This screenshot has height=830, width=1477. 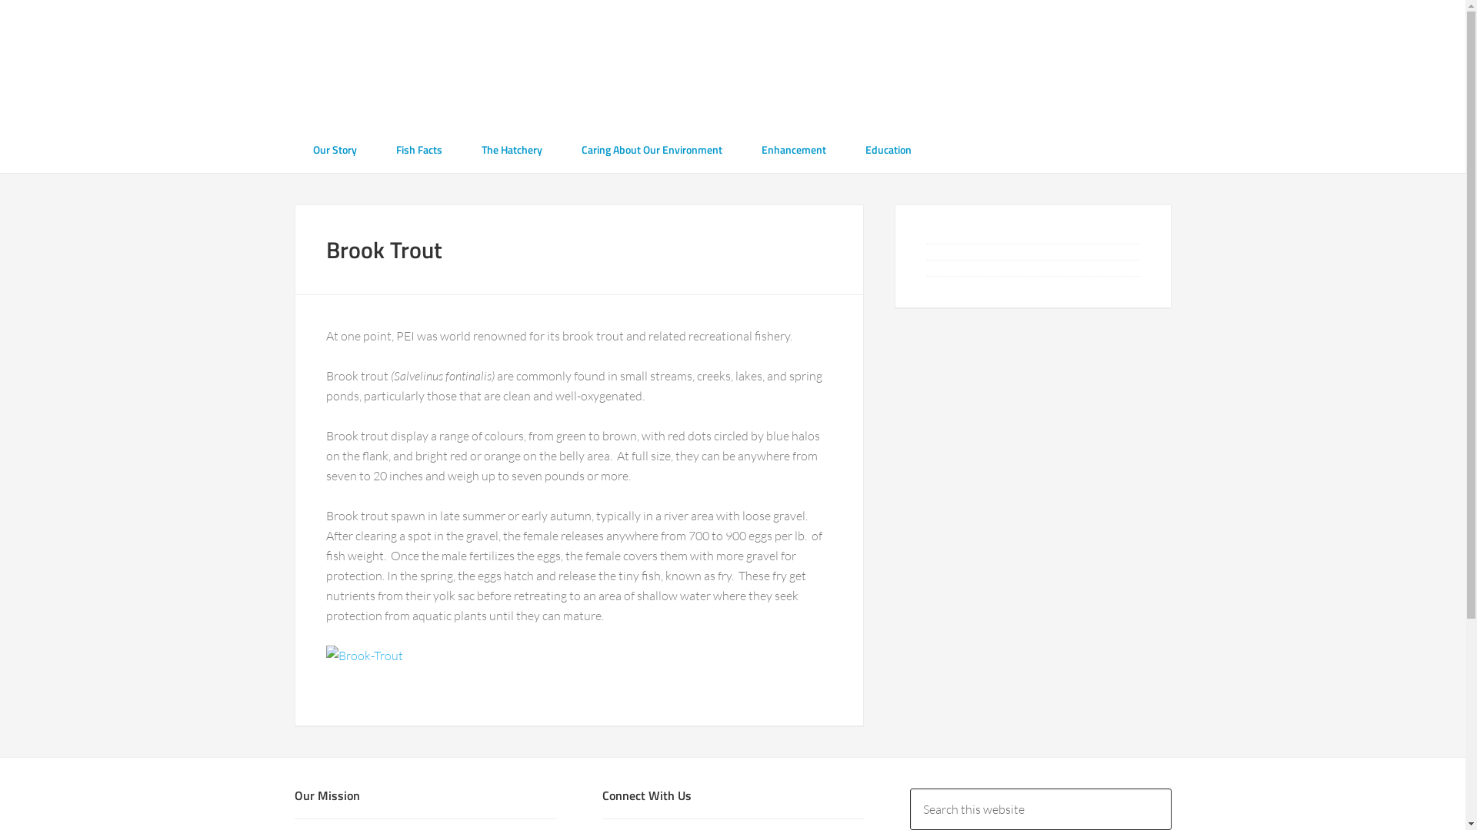 I want to click on 'Education', so click(x=887, y=149).